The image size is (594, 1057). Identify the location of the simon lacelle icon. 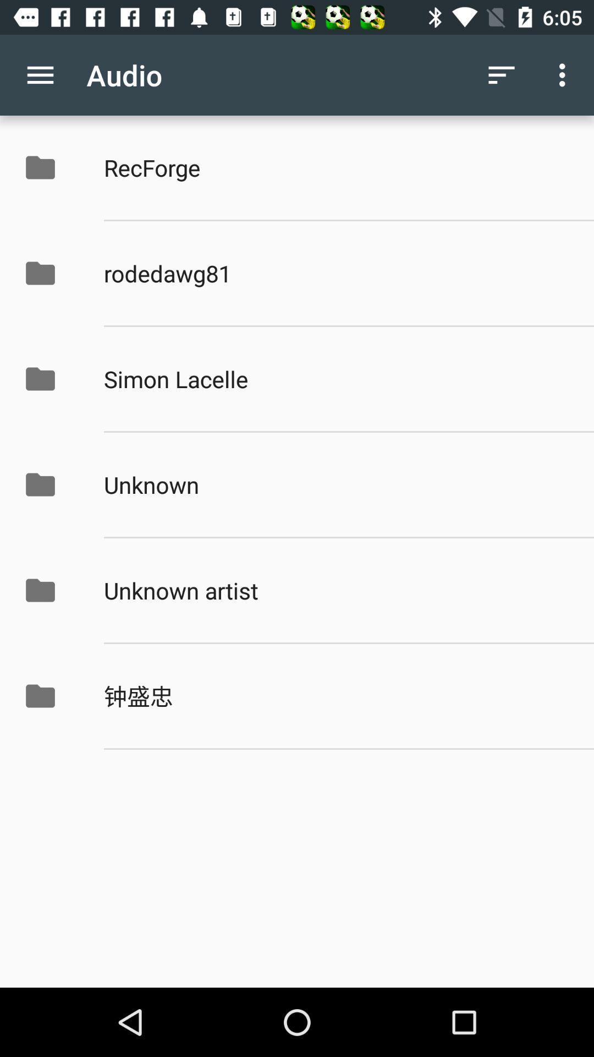
(337, 379).